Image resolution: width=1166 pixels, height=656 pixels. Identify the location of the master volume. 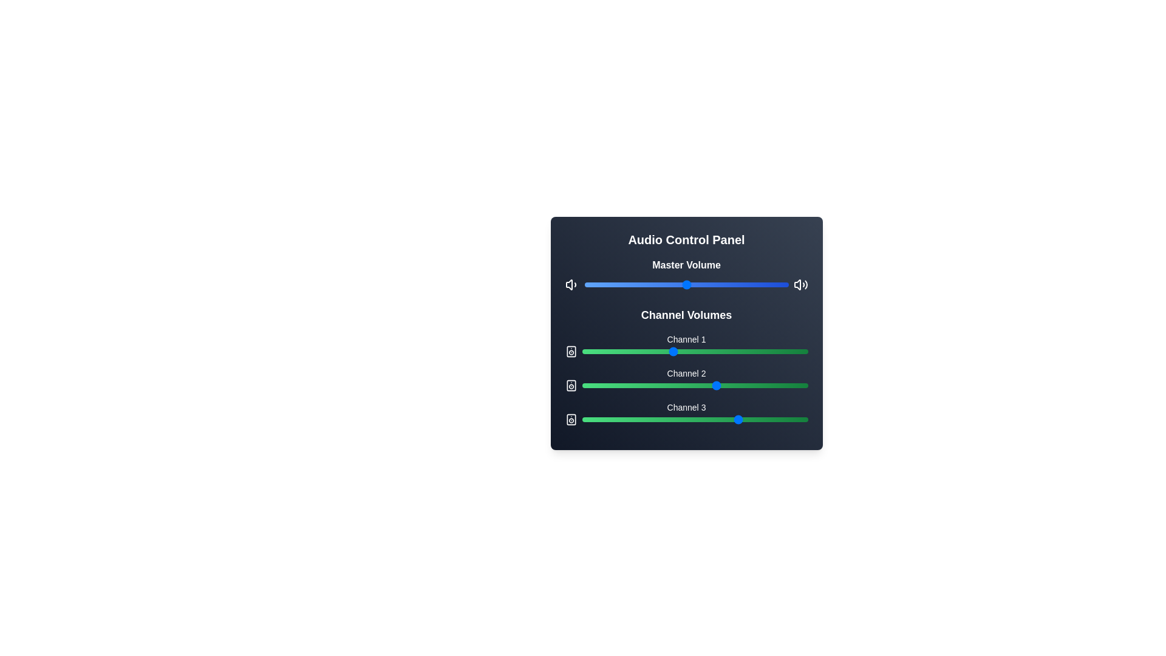
(745, 285).